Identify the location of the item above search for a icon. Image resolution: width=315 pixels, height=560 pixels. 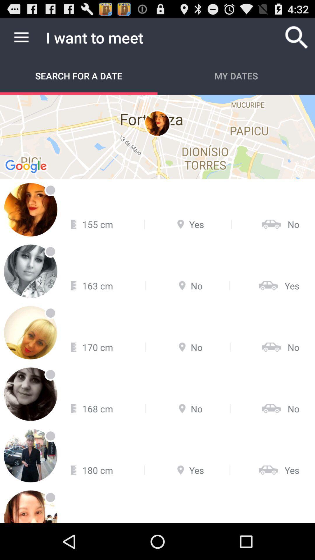
(21, 37).